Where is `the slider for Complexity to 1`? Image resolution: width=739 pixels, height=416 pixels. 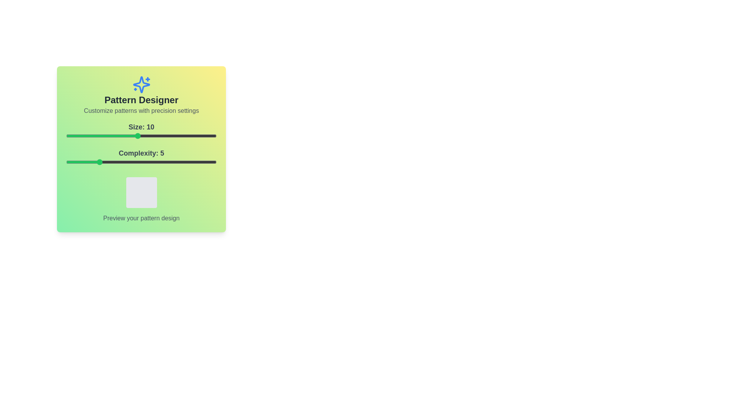
the slider for Complexity to 1 is located at coordinates (66, 161).